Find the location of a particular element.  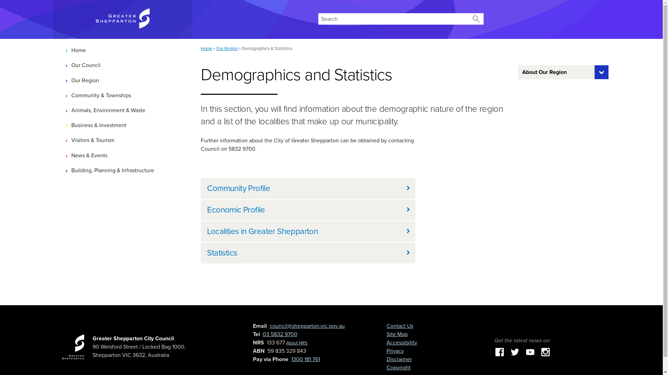

'Contact Us' is located at coordinates (386, 326).